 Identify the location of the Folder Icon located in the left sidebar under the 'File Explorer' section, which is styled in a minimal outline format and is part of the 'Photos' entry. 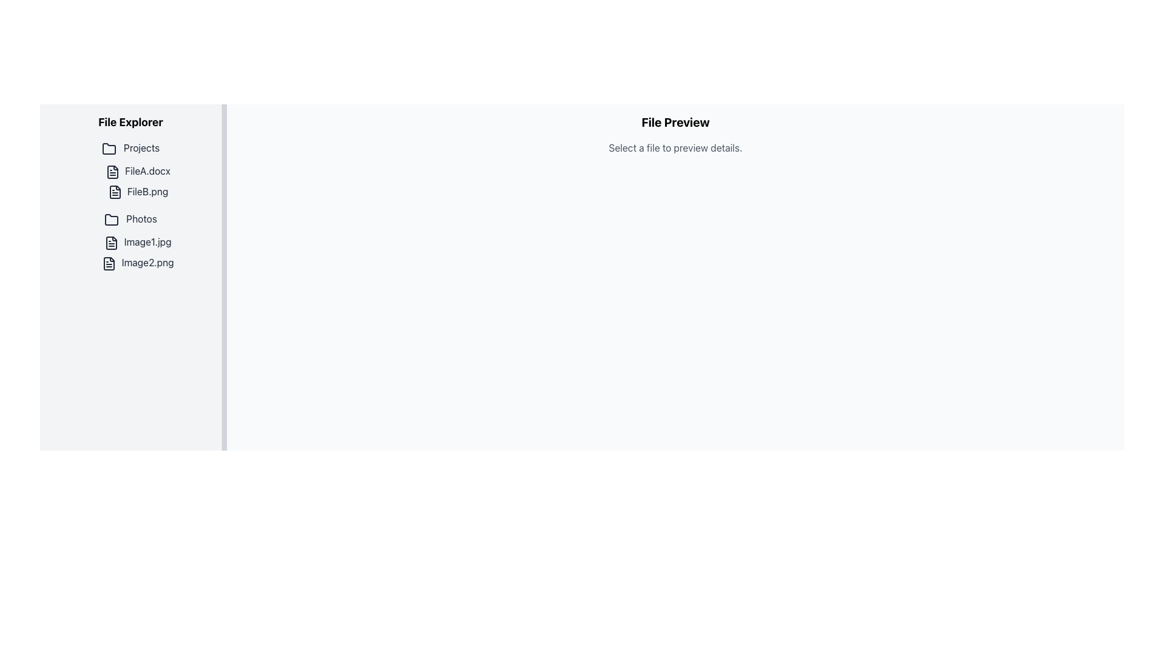
(112, 220).